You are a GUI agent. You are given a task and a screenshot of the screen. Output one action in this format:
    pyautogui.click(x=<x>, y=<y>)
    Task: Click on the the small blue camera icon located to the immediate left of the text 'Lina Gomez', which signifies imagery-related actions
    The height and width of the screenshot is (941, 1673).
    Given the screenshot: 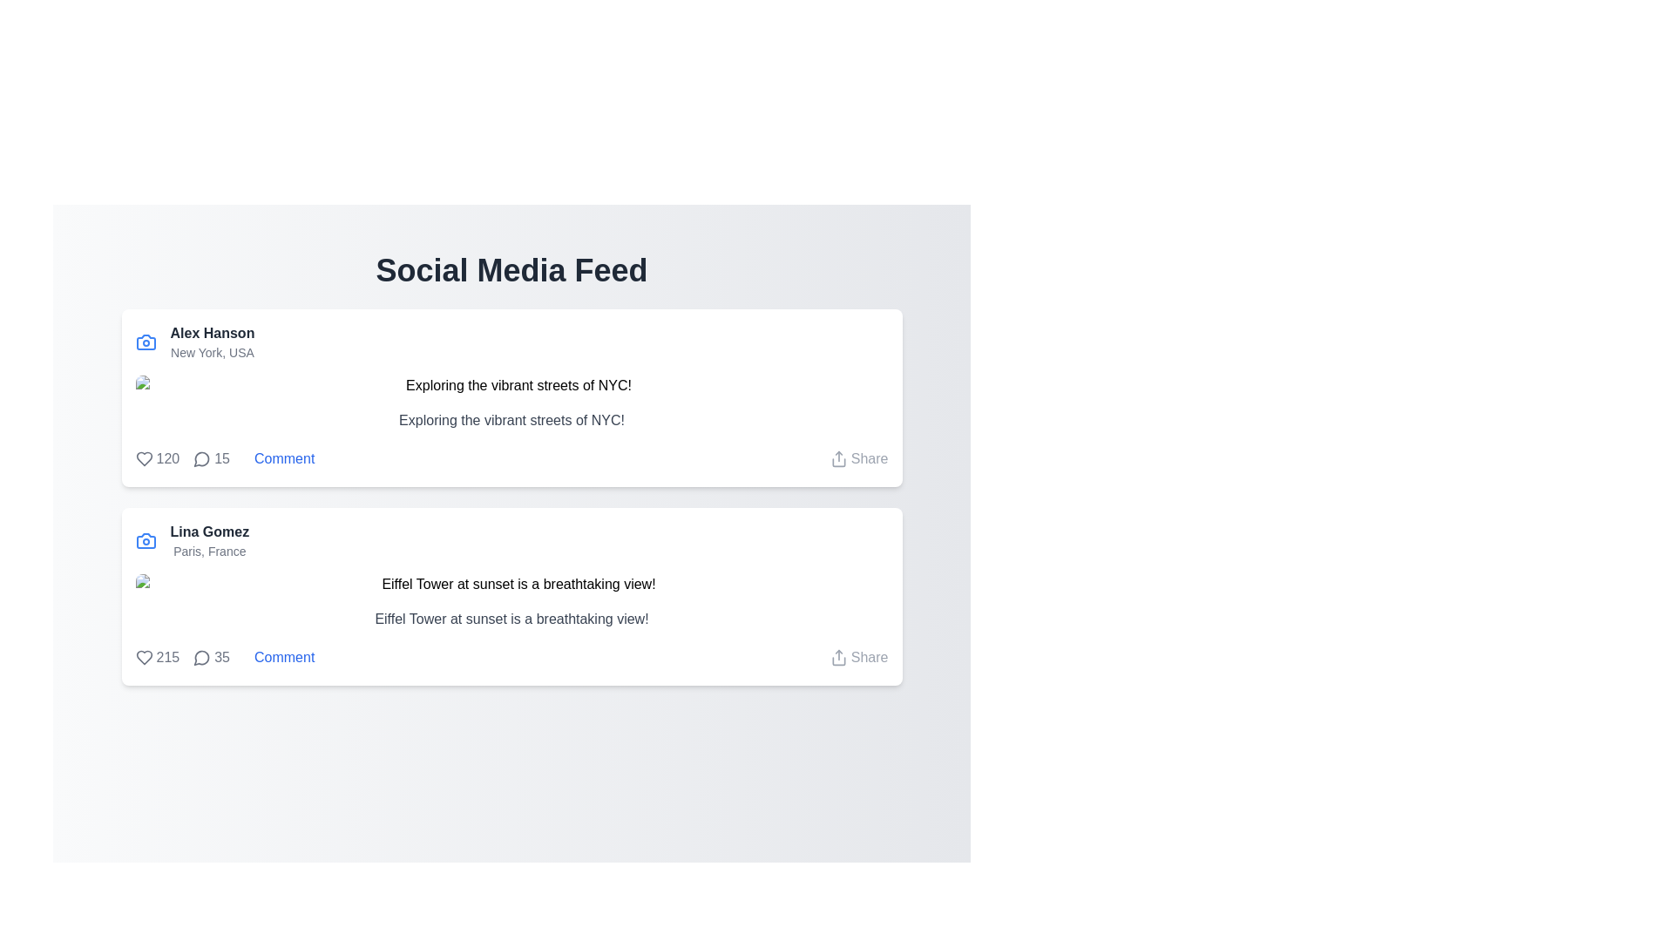 What is the action you would take?
    pyautogui.click(x=146, y=540)
    